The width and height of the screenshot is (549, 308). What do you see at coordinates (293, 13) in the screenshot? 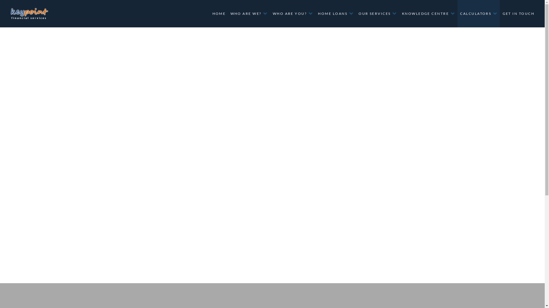
I see `'WHO ARE YOU?'` at bounding box center [293, 13].